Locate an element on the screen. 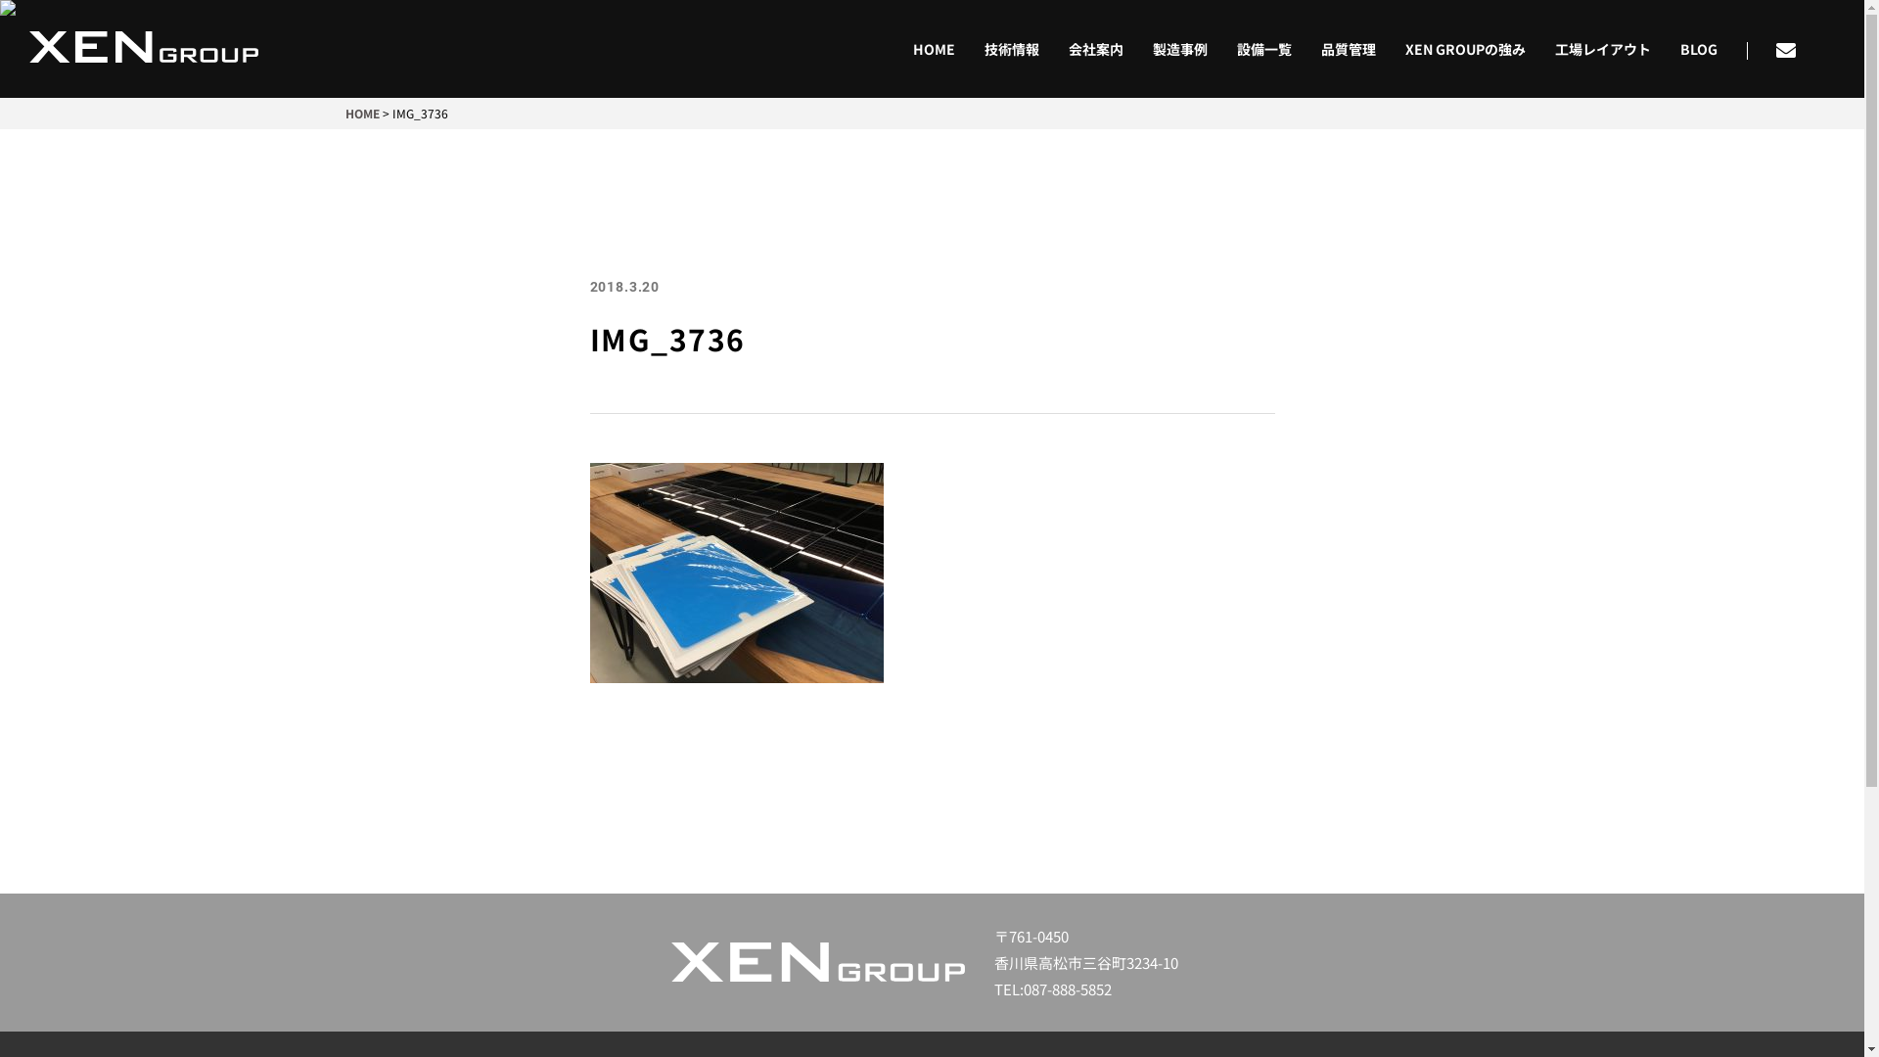  'BLOG' is located at coordinates (1665, 48).